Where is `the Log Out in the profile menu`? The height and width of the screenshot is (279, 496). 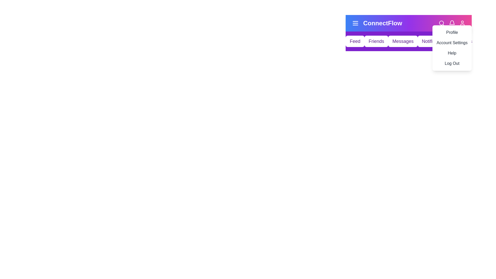
the Log Out in the profile menu is located at coordinates (451, 63).